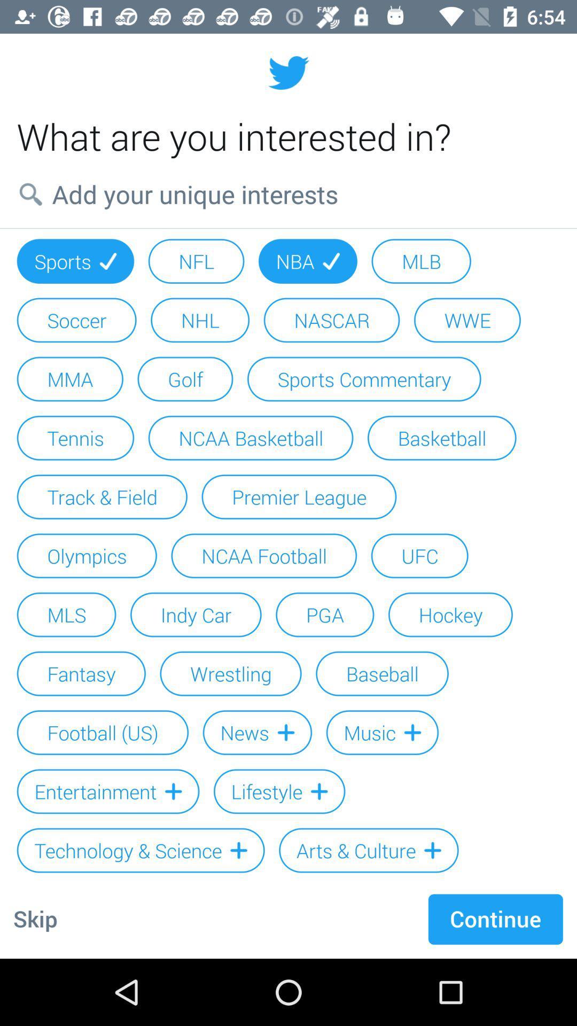  I want to click on icon below soccer, so click(70, 379).